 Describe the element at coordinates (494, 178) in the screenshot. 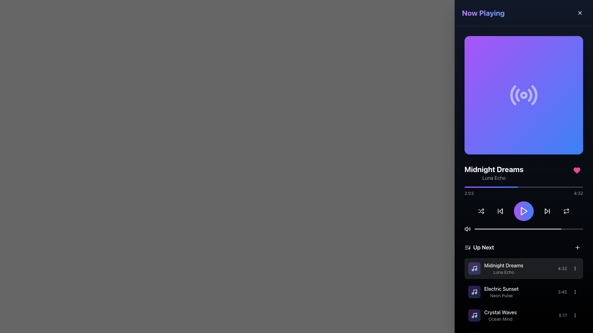

I see `text label located directly below 'Midnight Dreams' in the 'Now Playing' section of the UI` at that location.